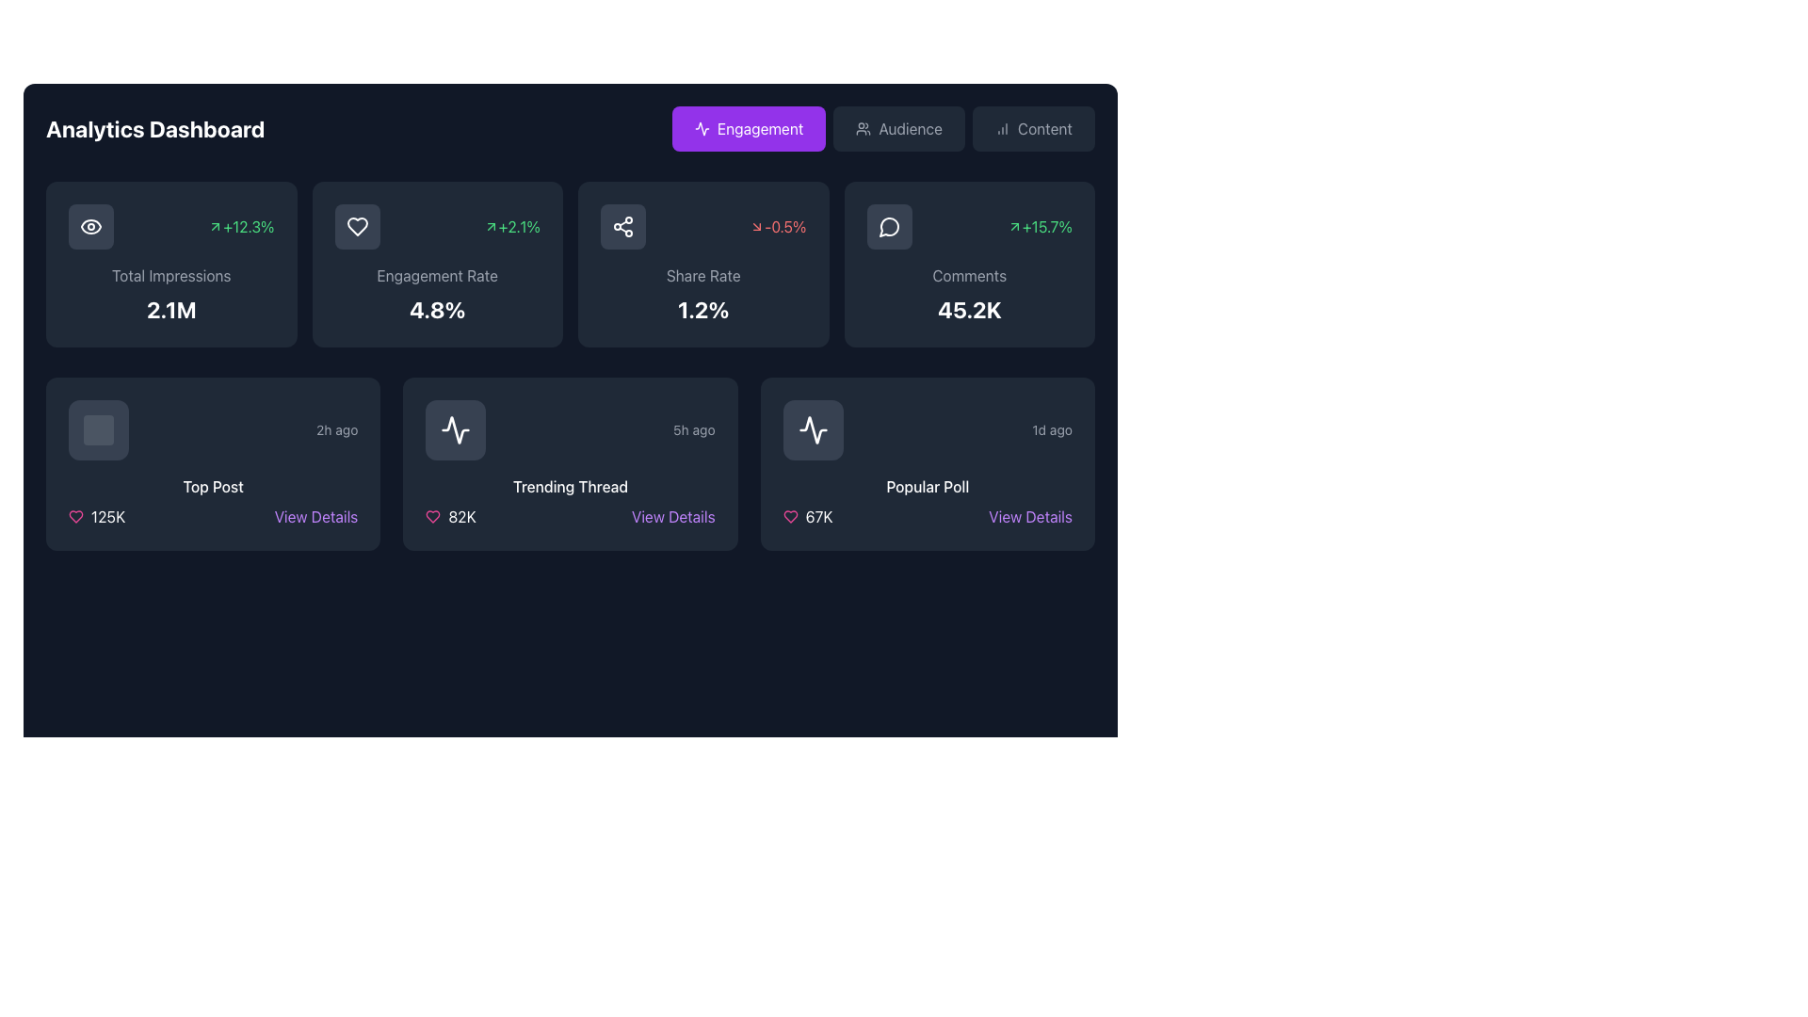 The image size is (1808, 1017). What do you see at coordinates (969, 308) in the screenshot?
I see `the Text display that shows the numerical count of comments, located below the 'Comments' label and within a contextual background block` at bounding box center [969, 308].